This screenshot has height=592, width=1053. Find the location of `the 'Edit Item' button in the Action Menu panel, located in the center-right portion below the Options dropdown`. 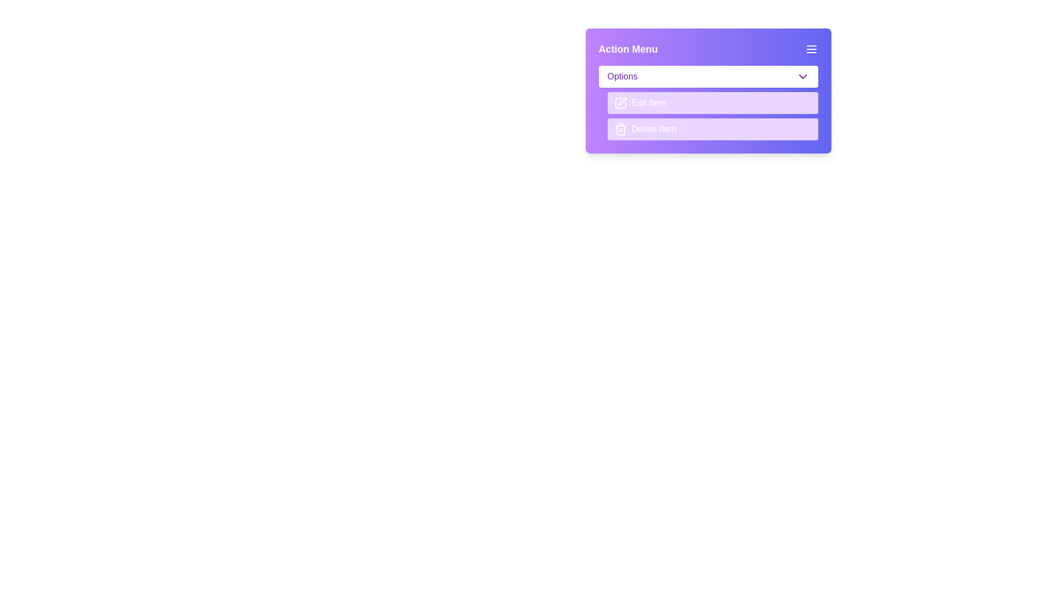

the 'Edit Item' button in the Action Menu panel, located in the center-right portion below the Options dropdown is located at coordinates (708, 116).